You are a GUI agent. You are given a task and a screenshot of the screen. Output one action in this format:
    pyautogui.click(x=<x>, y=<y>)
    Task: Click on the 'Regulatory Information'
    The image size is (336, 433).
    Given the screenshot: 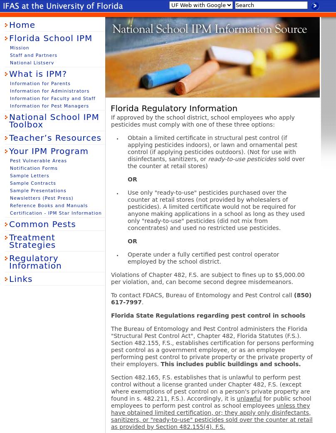 What is the action you would take?
    pyautogui.click(x=9, y=262)
    